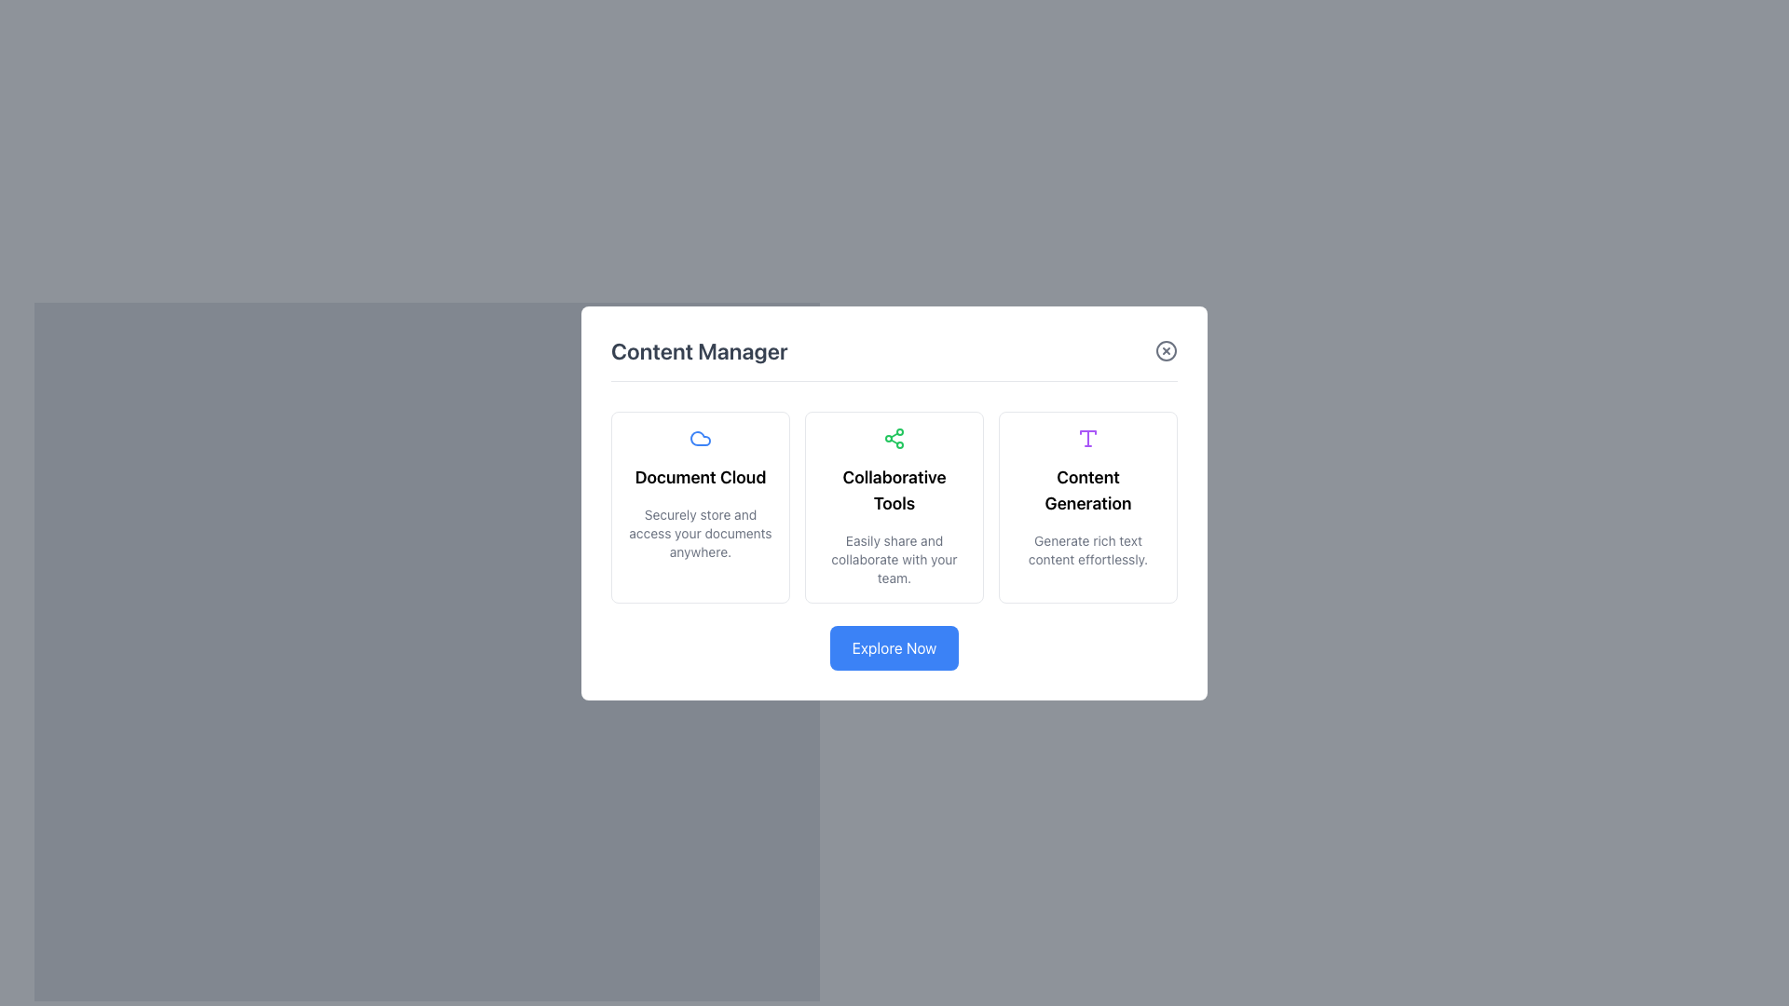 This screenshot has height=1006, width=1789. What do you see at coordinates (894, 489) in the screenshot?
I see `the Text Label element that serves as the title for the section within the central card of the interface, positioned between 'Document Cloud' and 'Content Generation'` at bounding box center [894, 489].